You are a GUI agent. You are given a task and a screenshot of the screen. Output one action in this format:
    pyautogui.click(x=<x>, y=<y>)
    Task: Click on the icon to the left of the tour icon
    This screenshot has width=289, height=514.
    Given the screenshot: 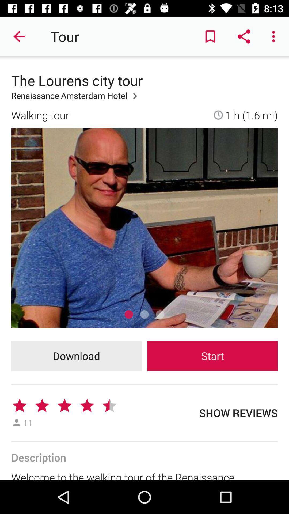 What is the action you would take?
    pyautogui.click(x=19, y=36)
    